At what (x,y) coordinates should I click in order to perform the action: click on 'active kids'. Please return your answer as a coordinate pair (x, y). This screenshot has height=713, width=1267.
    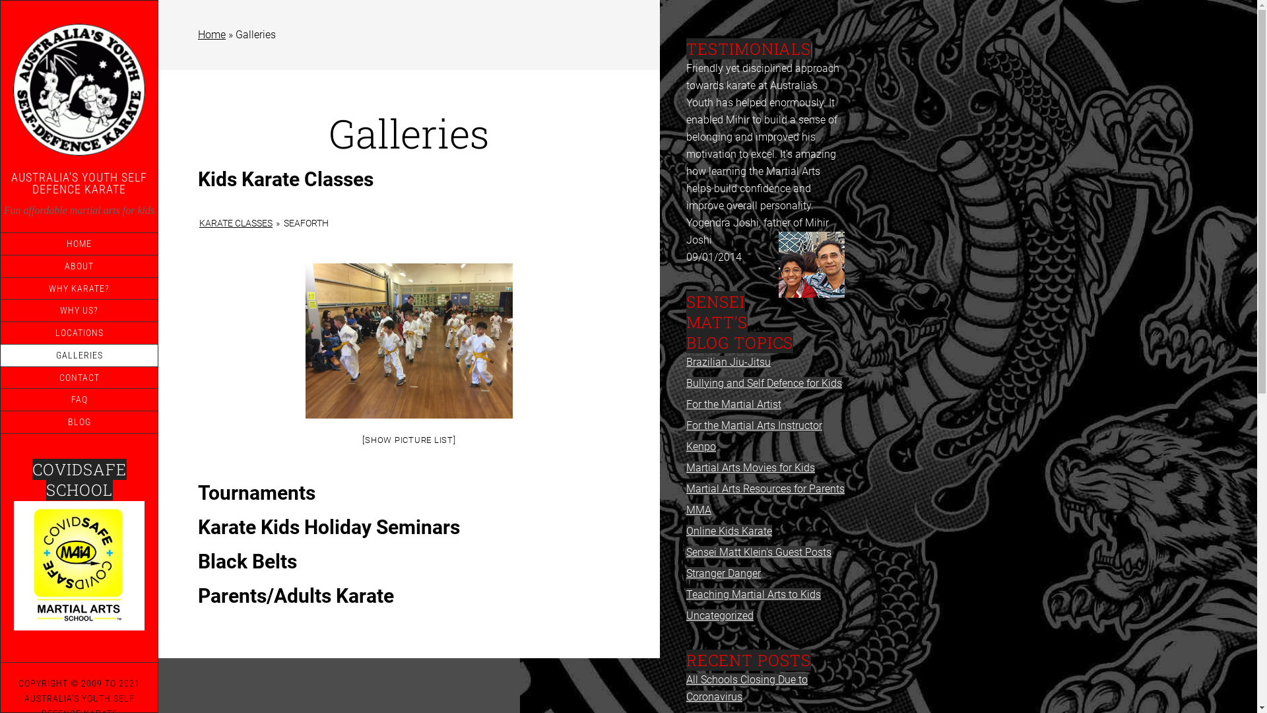
    Looking at the image, I should click on (79, 565).